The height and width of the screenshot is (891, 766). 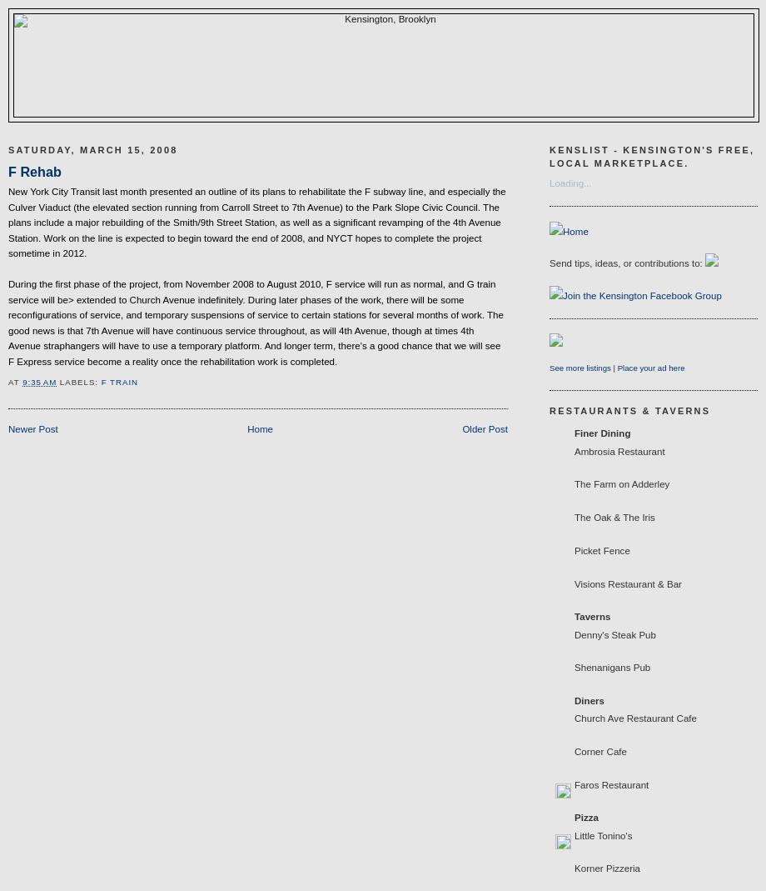 I want to click on 'Finer Dining', so click(x=602, y=432).